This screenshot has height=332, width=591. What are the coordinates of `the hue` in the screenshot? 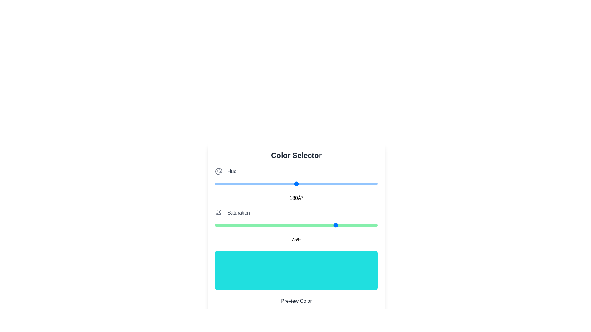 It's located at (226, 183).